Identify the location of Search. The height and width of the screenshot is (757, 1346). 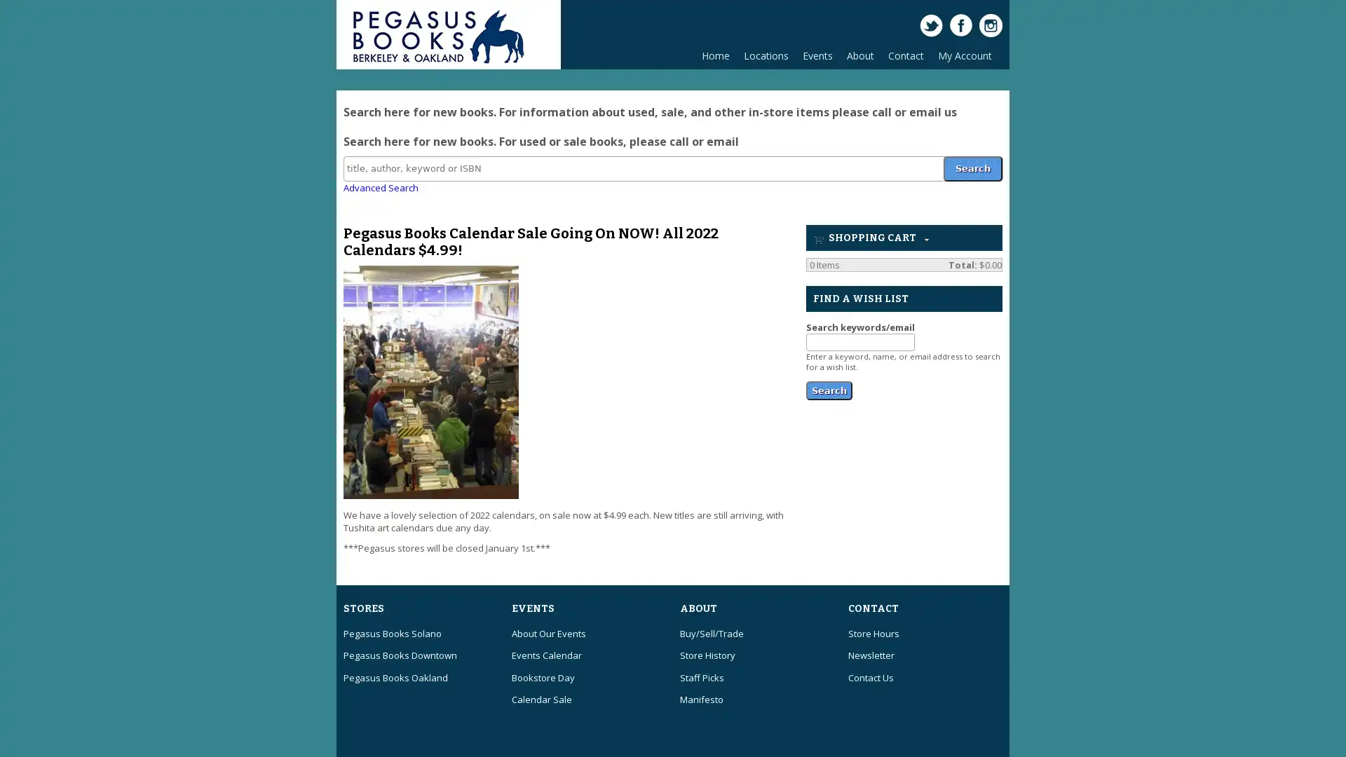
(829, 389).